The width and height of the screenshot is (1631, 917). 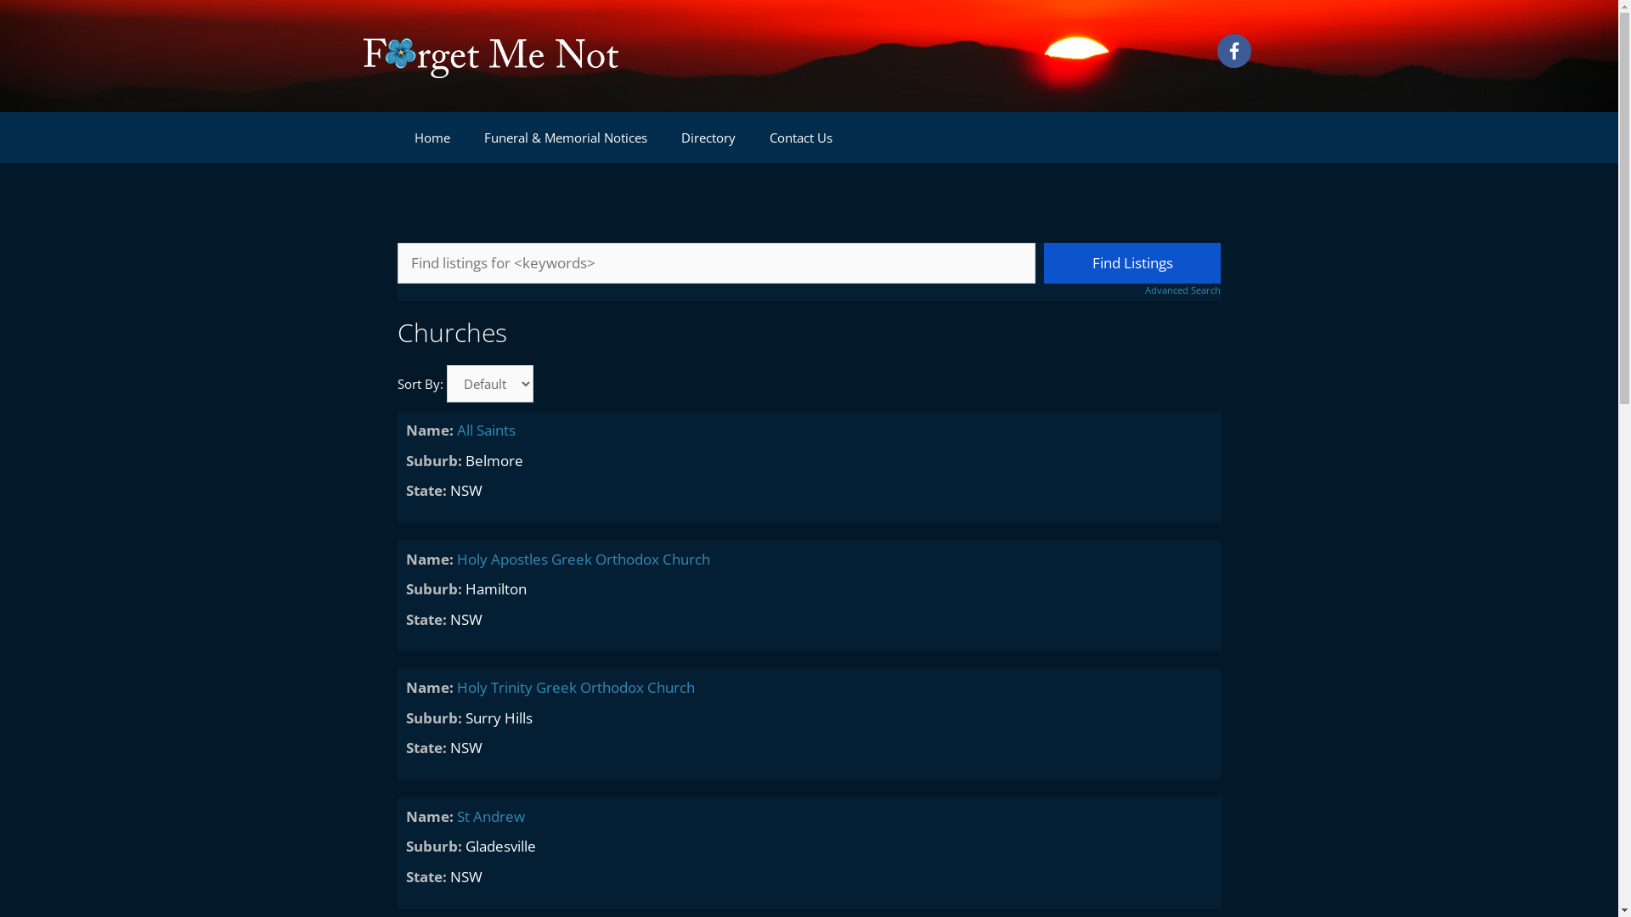 What do you see at coordinates (1233, 50) in the screenshot?
I see `'facebook'` at bounding box center [1233, 50].